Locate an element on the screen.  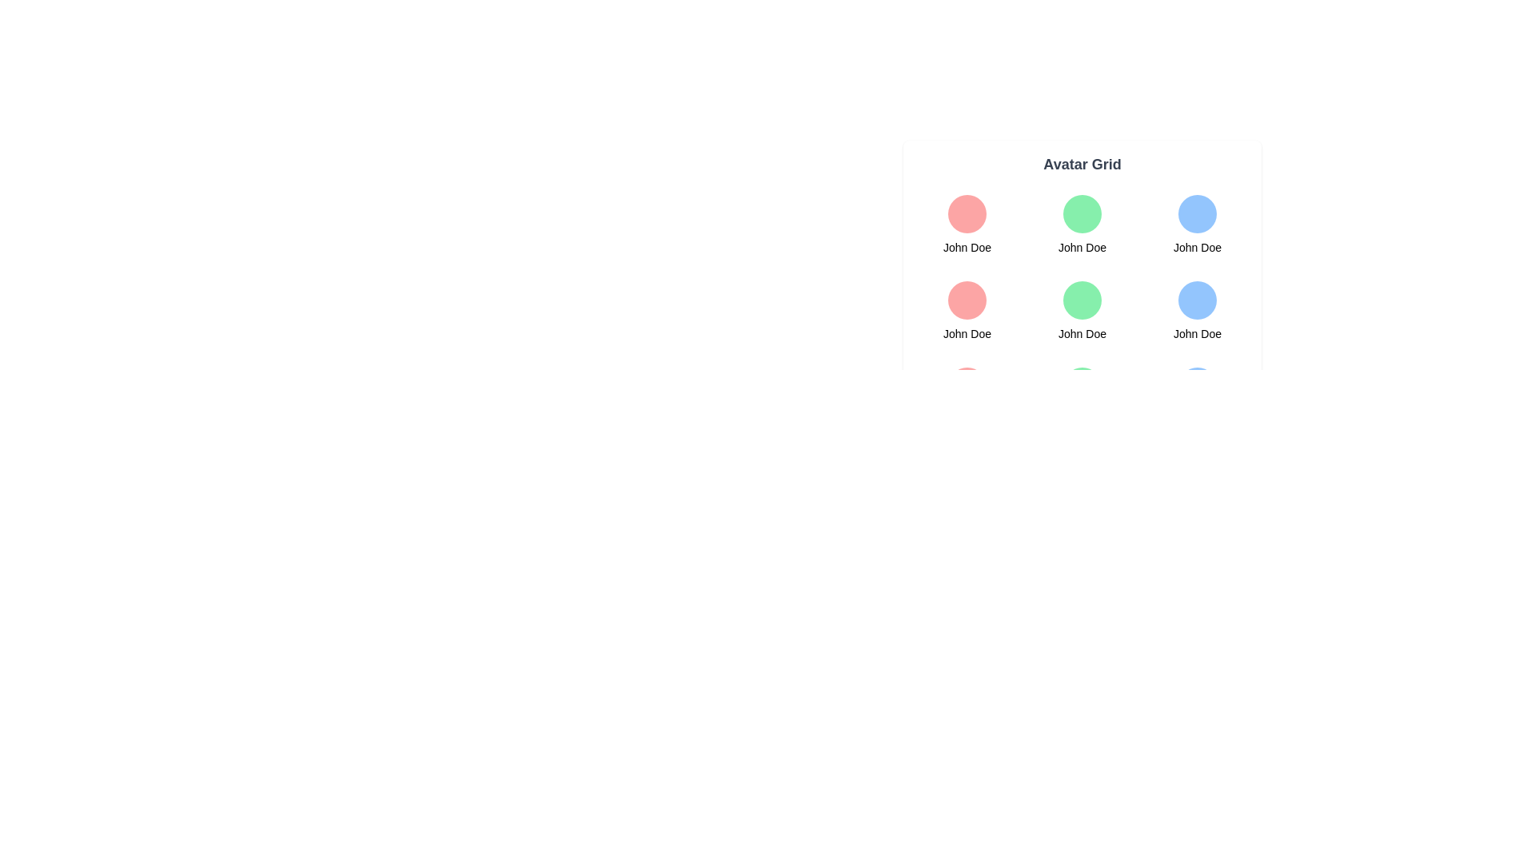
the user represented is located at coordinates (1082, 396).